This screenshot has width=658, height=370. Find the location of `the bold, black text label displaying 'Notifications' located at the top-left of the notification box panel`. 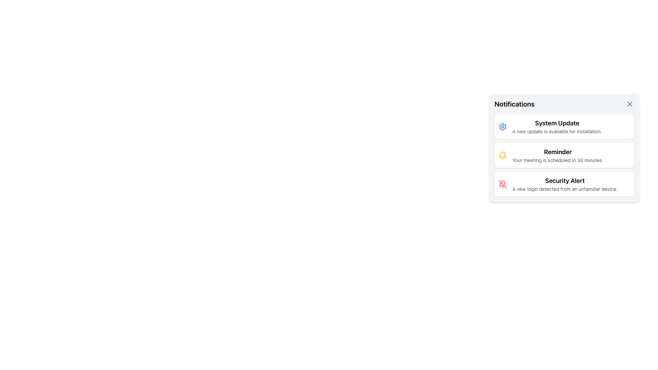

the bold, black text label displaying 'Notifications' located at the top-left of the notification box panel is located at coordinates (514, 104).